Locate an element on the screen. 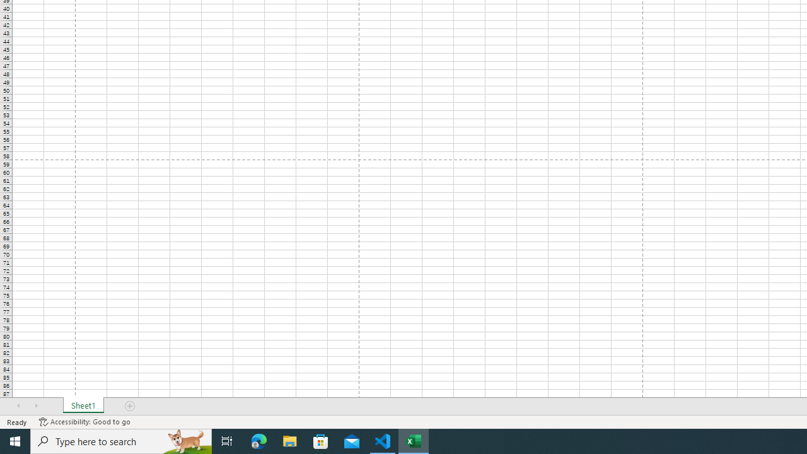  'Accessibility Checker Accessibility: Good to go' is located at coordinates (84, 422).